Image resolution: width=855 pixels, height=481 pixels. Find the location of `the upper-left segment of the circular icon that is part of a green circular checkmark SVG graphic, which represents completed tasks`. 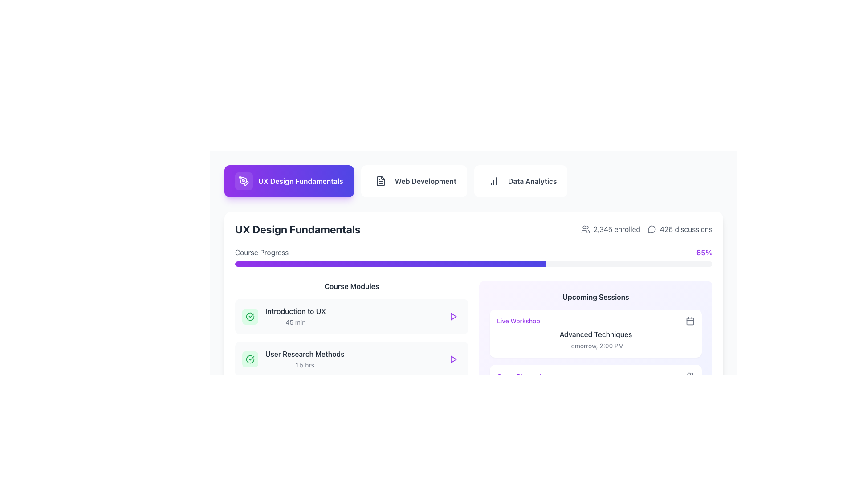

the upper-left segment of the circular icon that is part of a green circular checkmark SVG graphic, which represents completed tasks is located at coordinates (249, 316).